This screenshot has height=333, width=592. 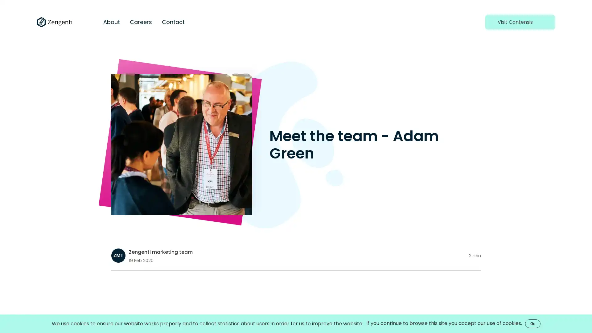 I want to click on Go, so click(x=532, y=323).